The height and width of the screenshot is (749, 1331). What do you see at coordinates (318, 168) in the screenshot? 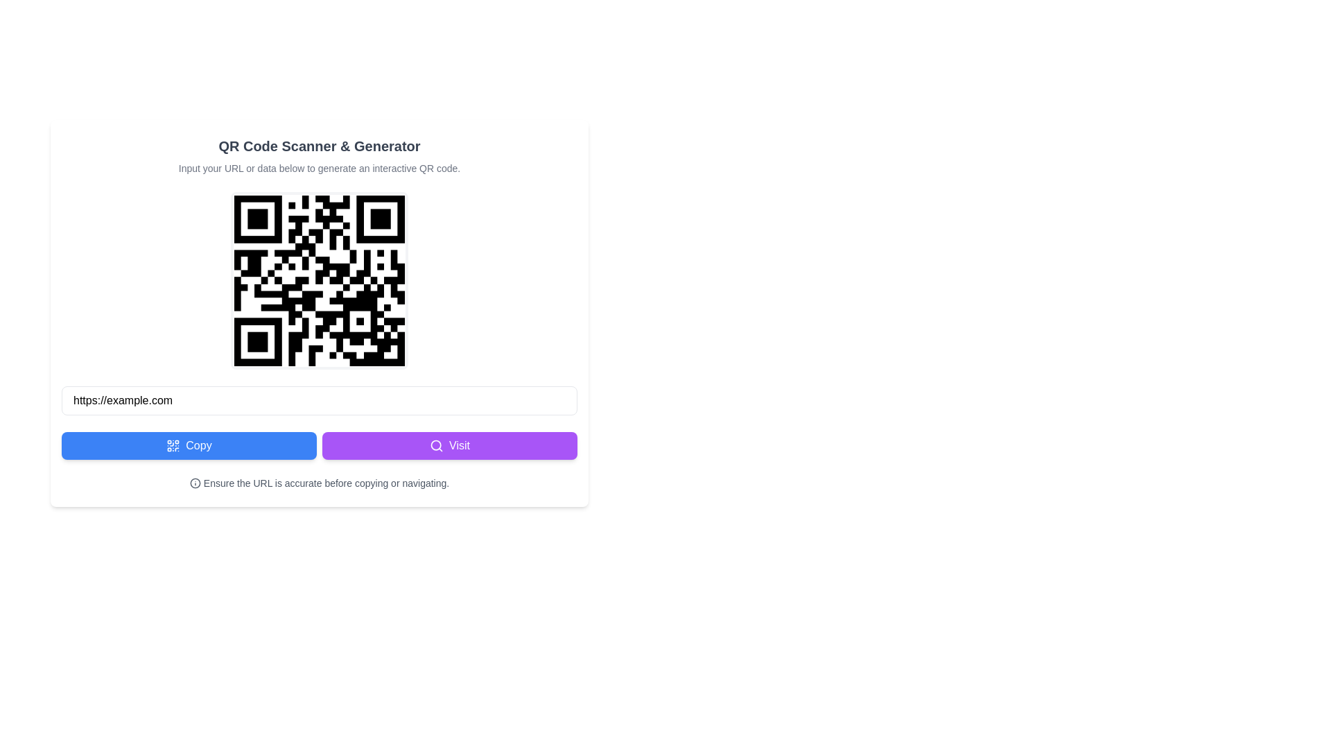
I see `instructions displayed in the text block that says 'Input your URL or data below to generate an interactive QR code.' located underneath the main heading 'QR Code Scanner & Generator'` at bounding box center [318, 168].